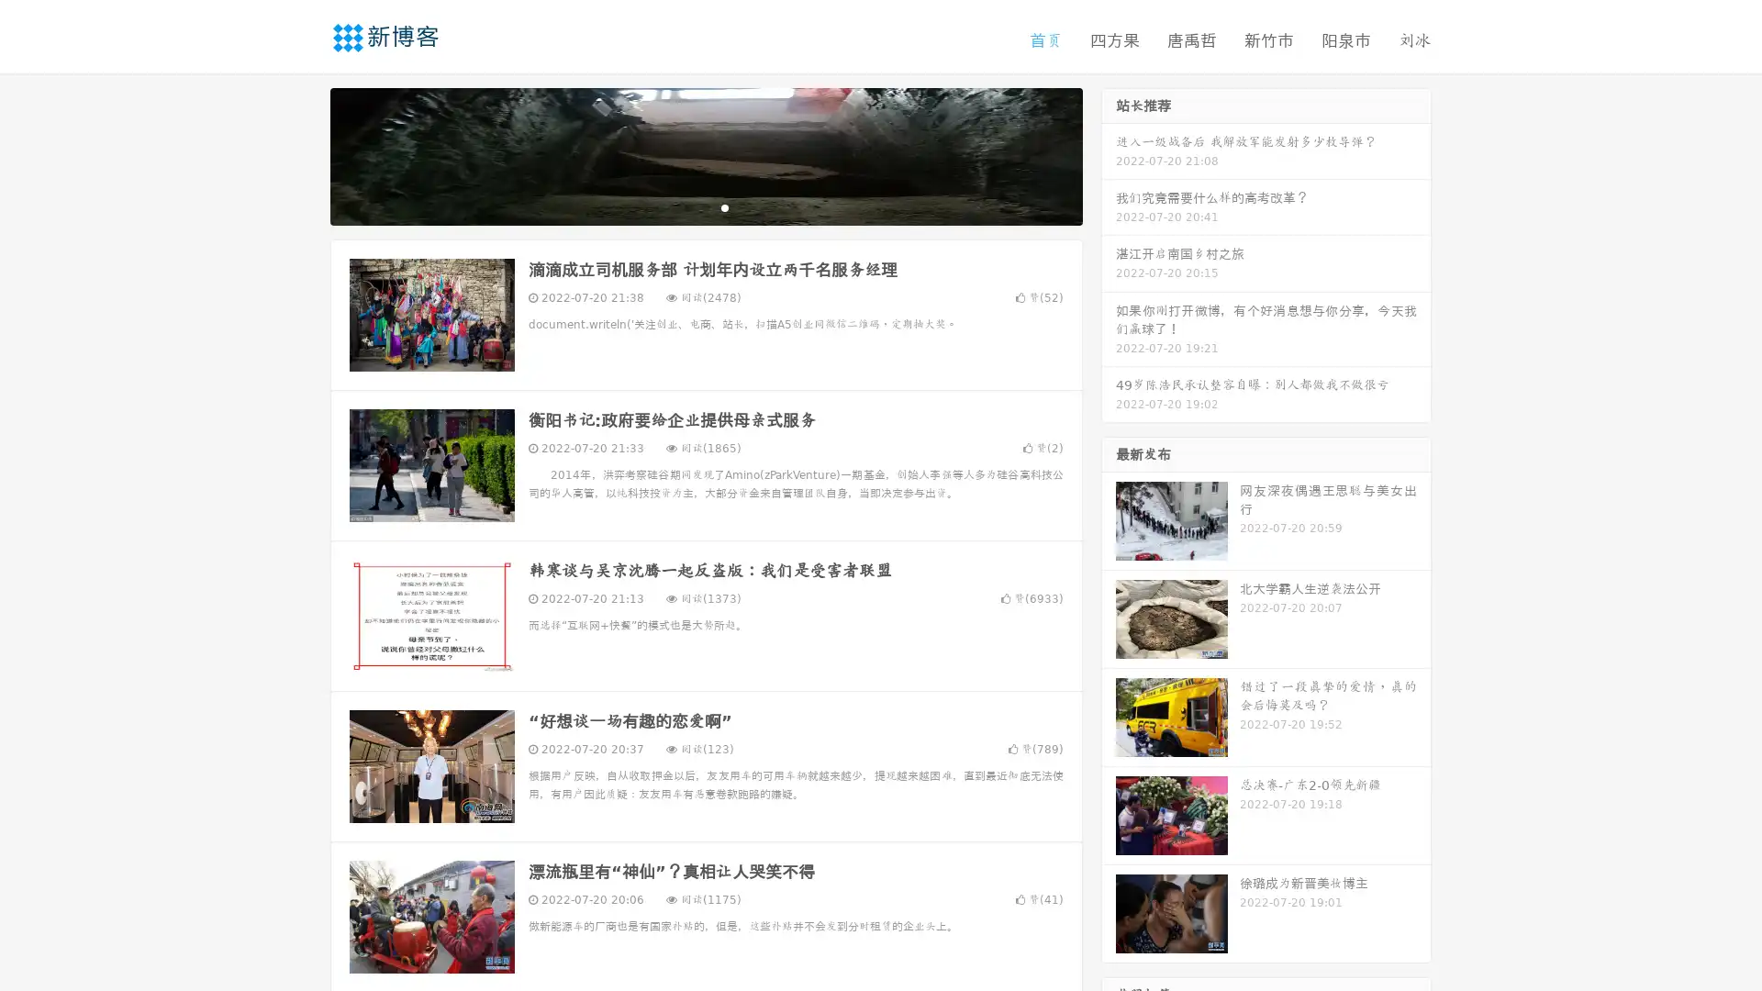 Image resolution: width=1762 pixels, height=991 pixels. What do you see at coordinates (724, 206) in the screenshot?
I see `Go to slide 3` at bounding box center [724, 206].